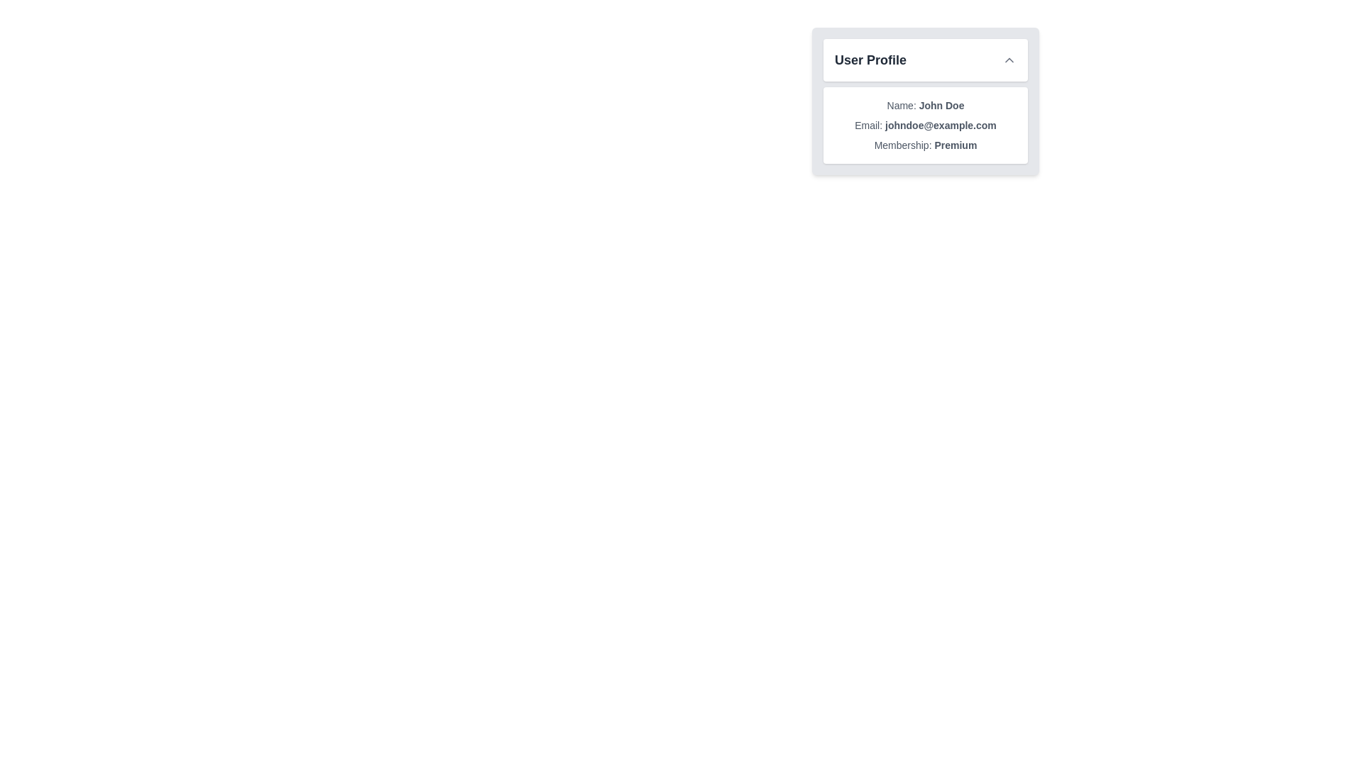 Image resolution: width=1363 pixels, height=766 pixels. Describe the element at coordinates (926, 125) in the screenshot. I see `the Text label that displays the user's email address, which is located below the 'Name: John Doe' label and above the 'Membership: Premium' label` at that location.